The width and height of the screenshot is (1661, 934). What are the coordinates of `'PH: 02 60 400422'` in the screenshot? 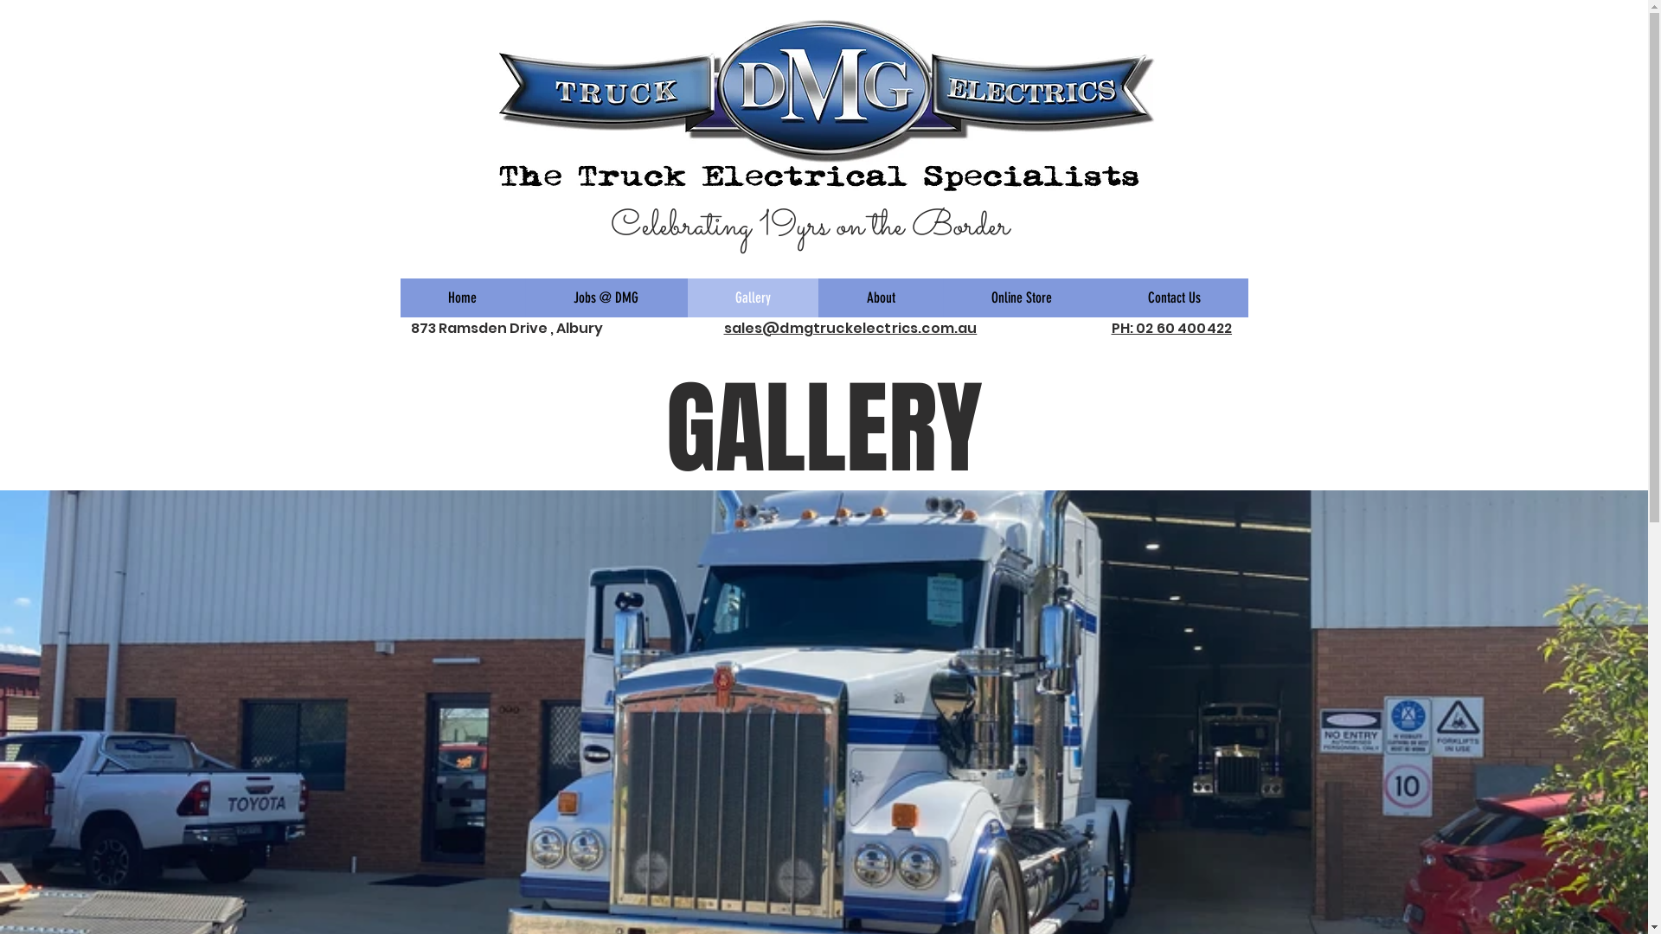 It's located at (1110, 327).